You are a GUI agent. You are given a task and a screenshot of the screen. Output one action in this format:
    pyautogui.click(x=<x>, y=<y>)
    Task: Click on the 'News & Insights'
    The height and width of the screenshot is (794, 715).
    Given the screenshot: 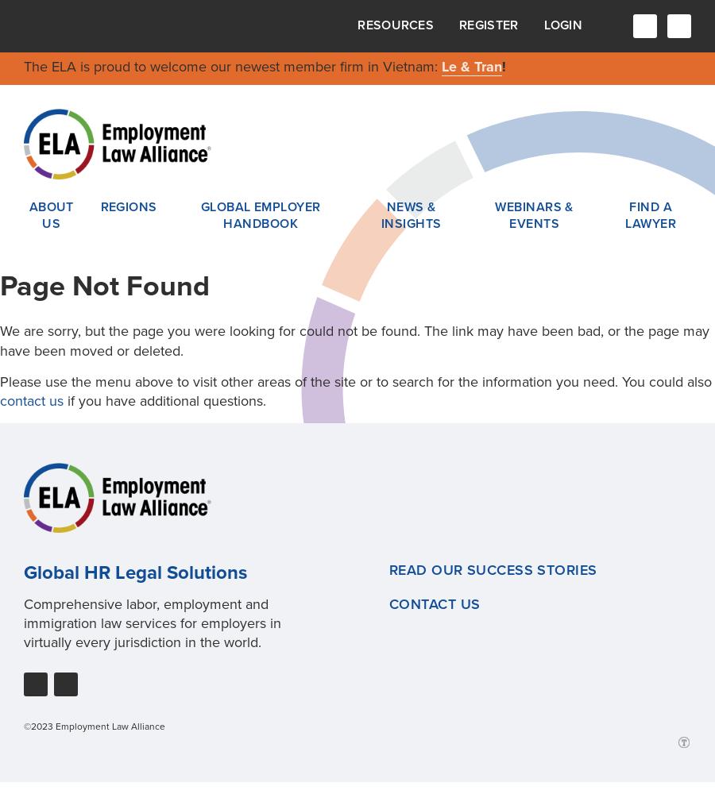 What is the action you would take?
    pyautogui.click(x=379, y=215)
    